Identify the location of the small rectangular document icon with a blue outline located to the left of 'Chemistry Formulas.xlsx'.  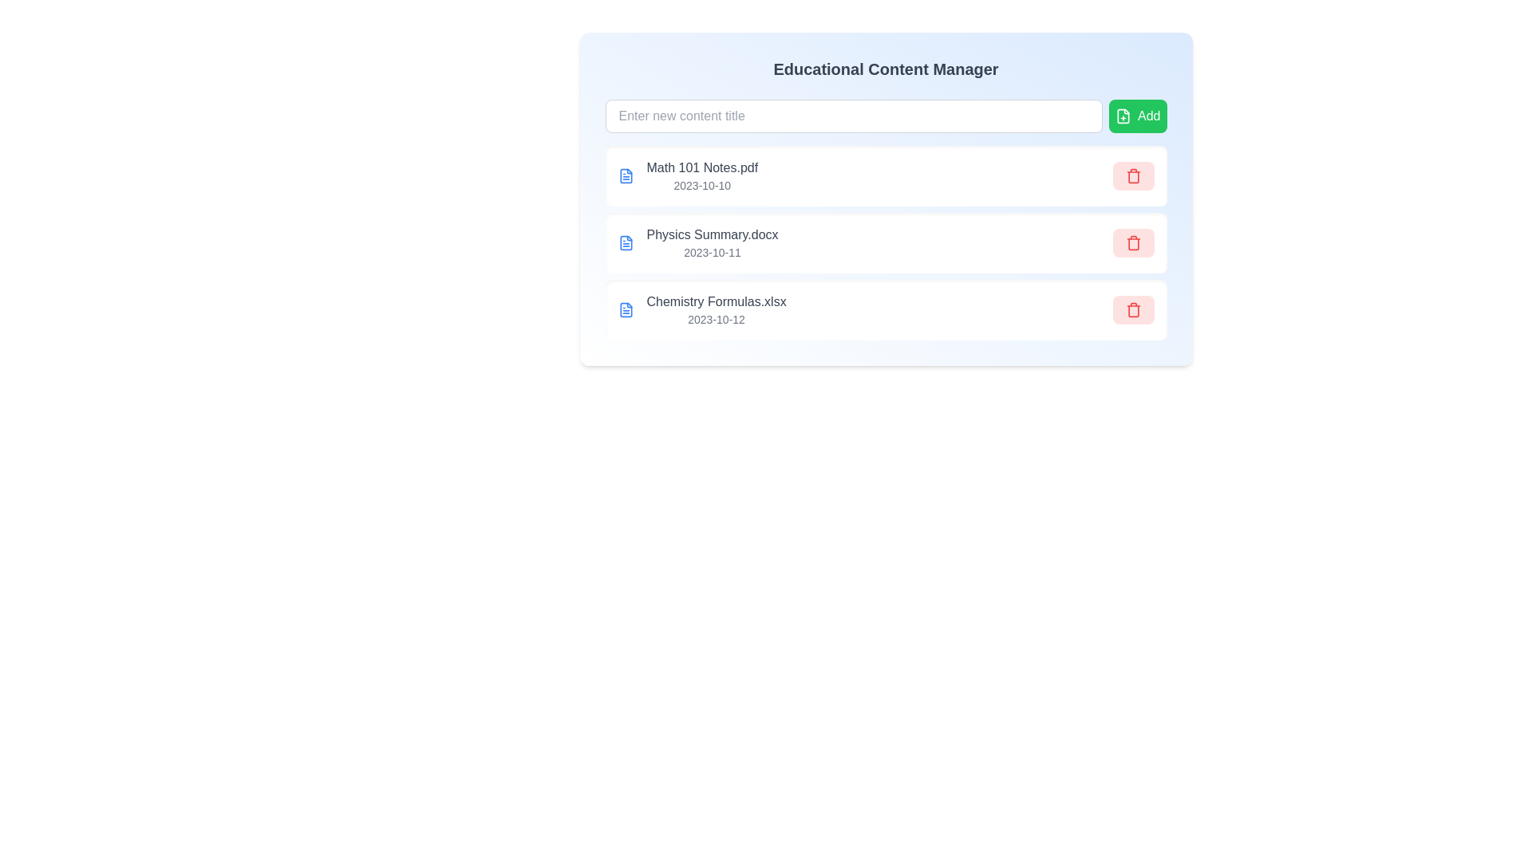
(625, 310).